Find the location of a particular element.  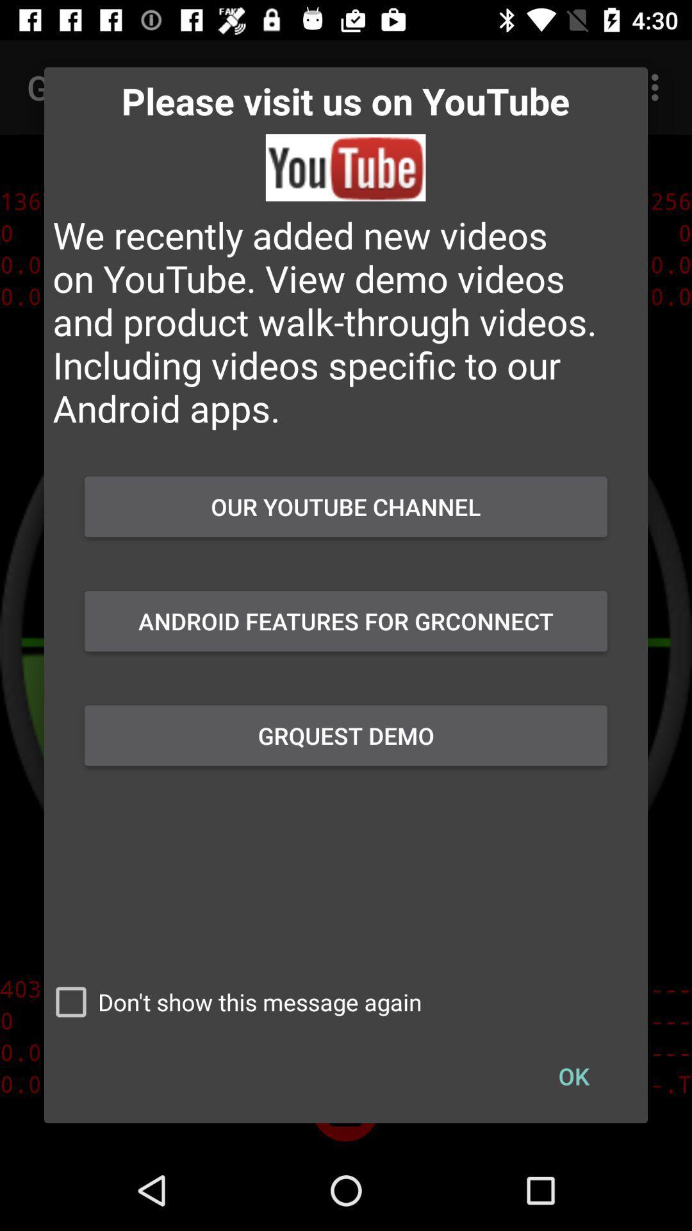

the grquest demo is located at coordinates (346, 735).